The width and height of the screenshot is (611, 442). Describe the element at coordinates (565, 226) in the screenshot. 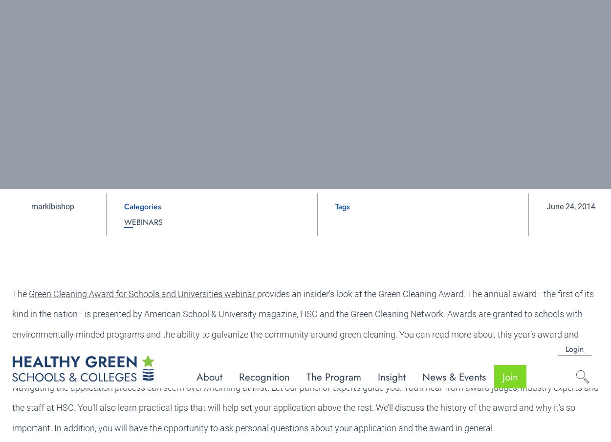

I see `'Follow us'` at that location.